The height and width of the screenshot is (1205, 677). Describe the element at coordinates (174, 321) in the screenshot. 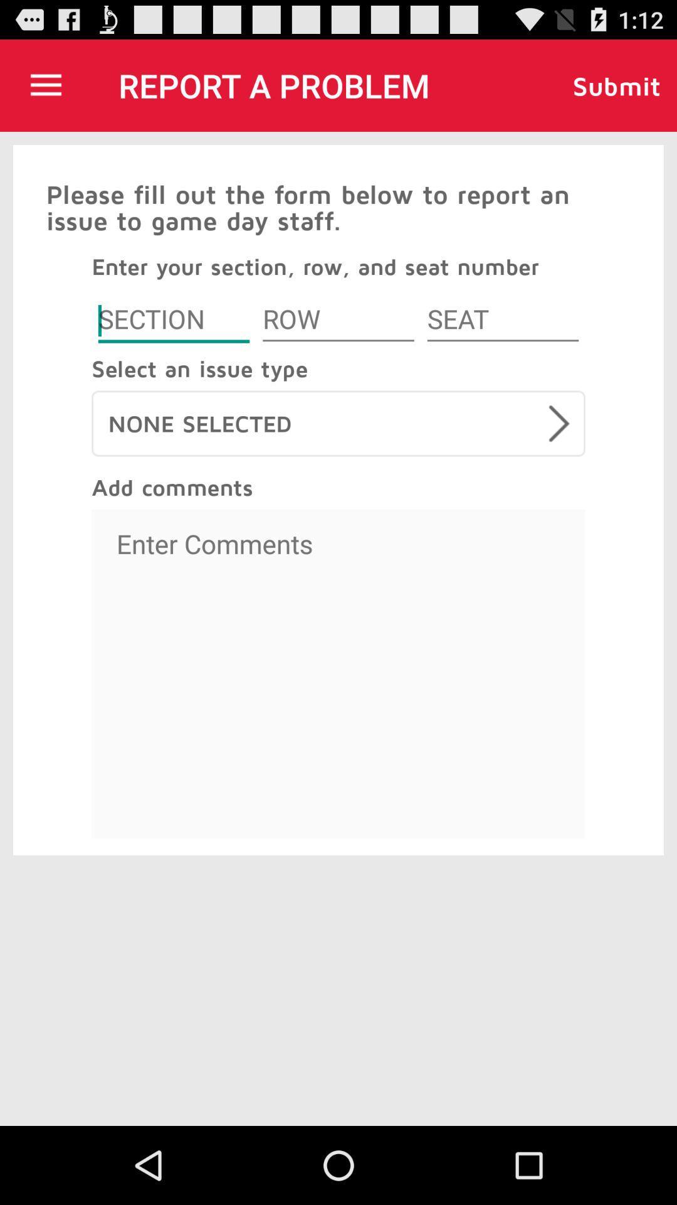

I see `section number` at that location.